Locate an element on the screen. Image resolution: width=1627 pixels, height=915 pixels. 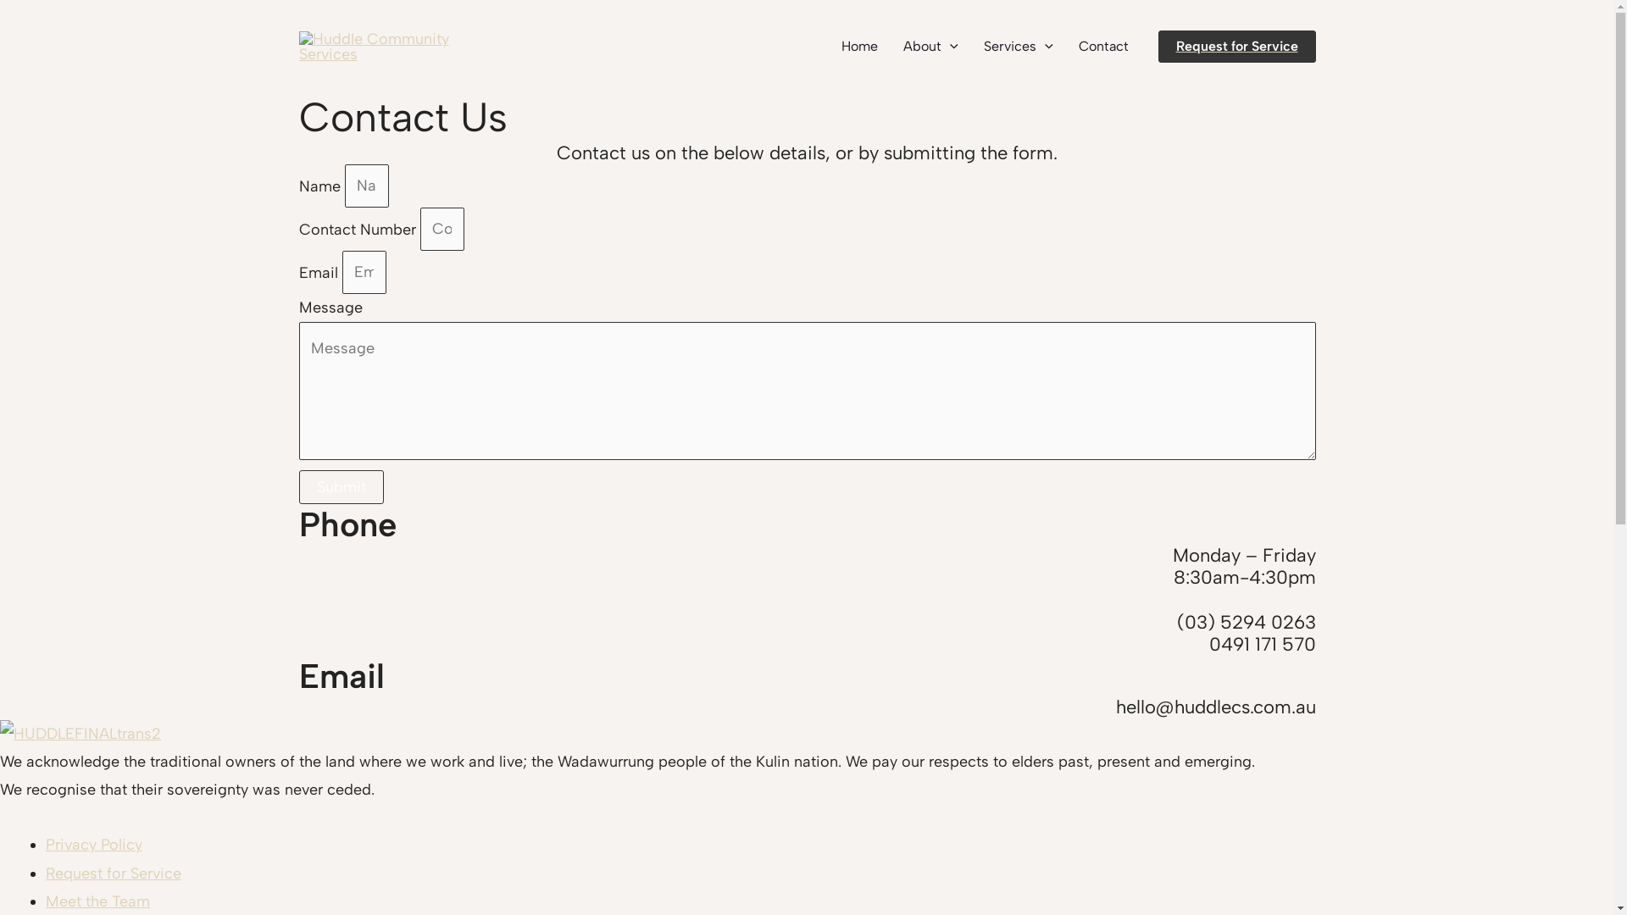
'Submit' is located at coordinates (340, 486).